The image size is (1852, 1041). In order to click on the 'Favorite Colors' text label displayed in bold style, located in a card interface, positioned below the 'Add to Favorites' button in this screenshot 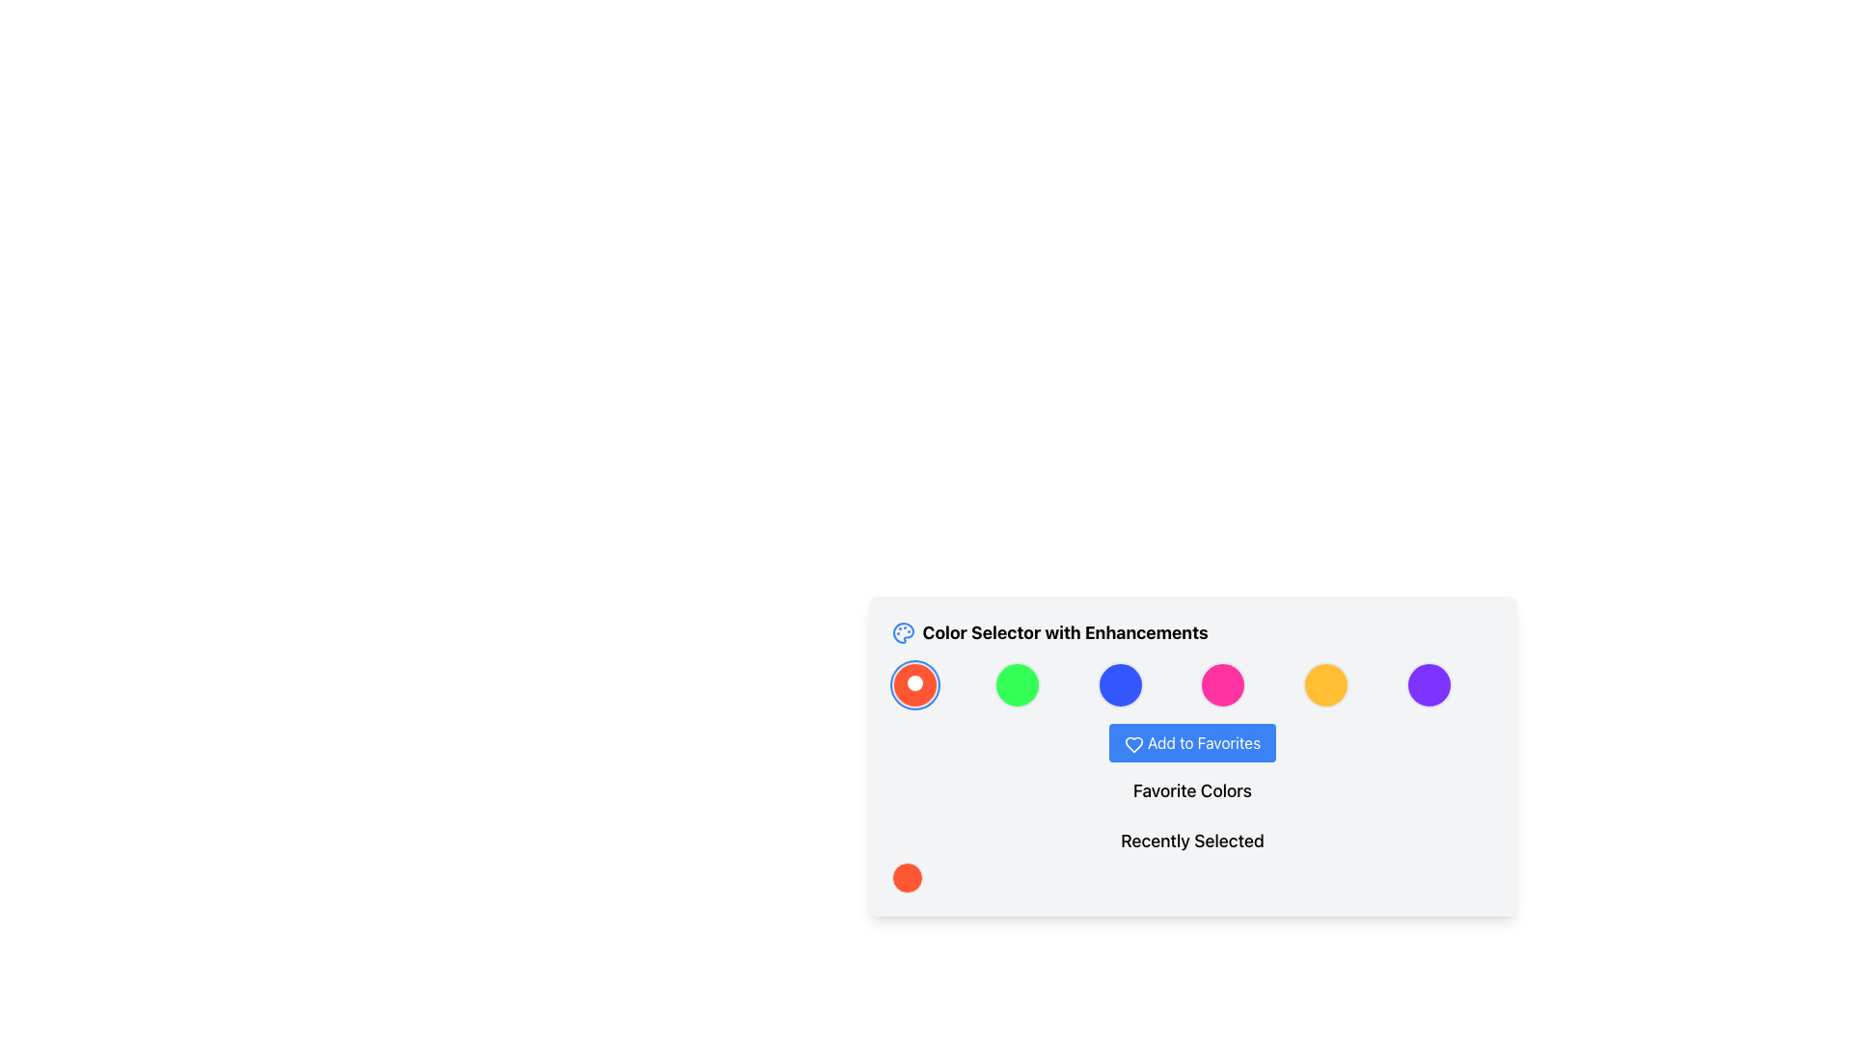, I will do `click(1191, 795)`.